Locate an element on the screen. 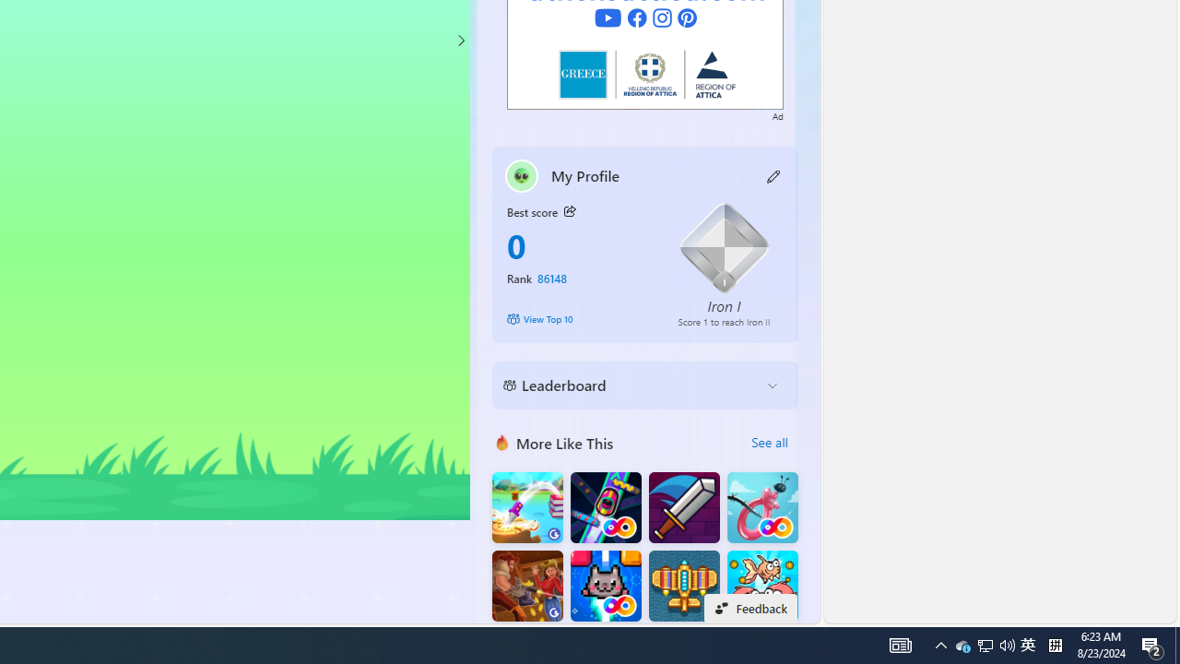  'Class: button edit-icon' is located at coordinates (773, 175).